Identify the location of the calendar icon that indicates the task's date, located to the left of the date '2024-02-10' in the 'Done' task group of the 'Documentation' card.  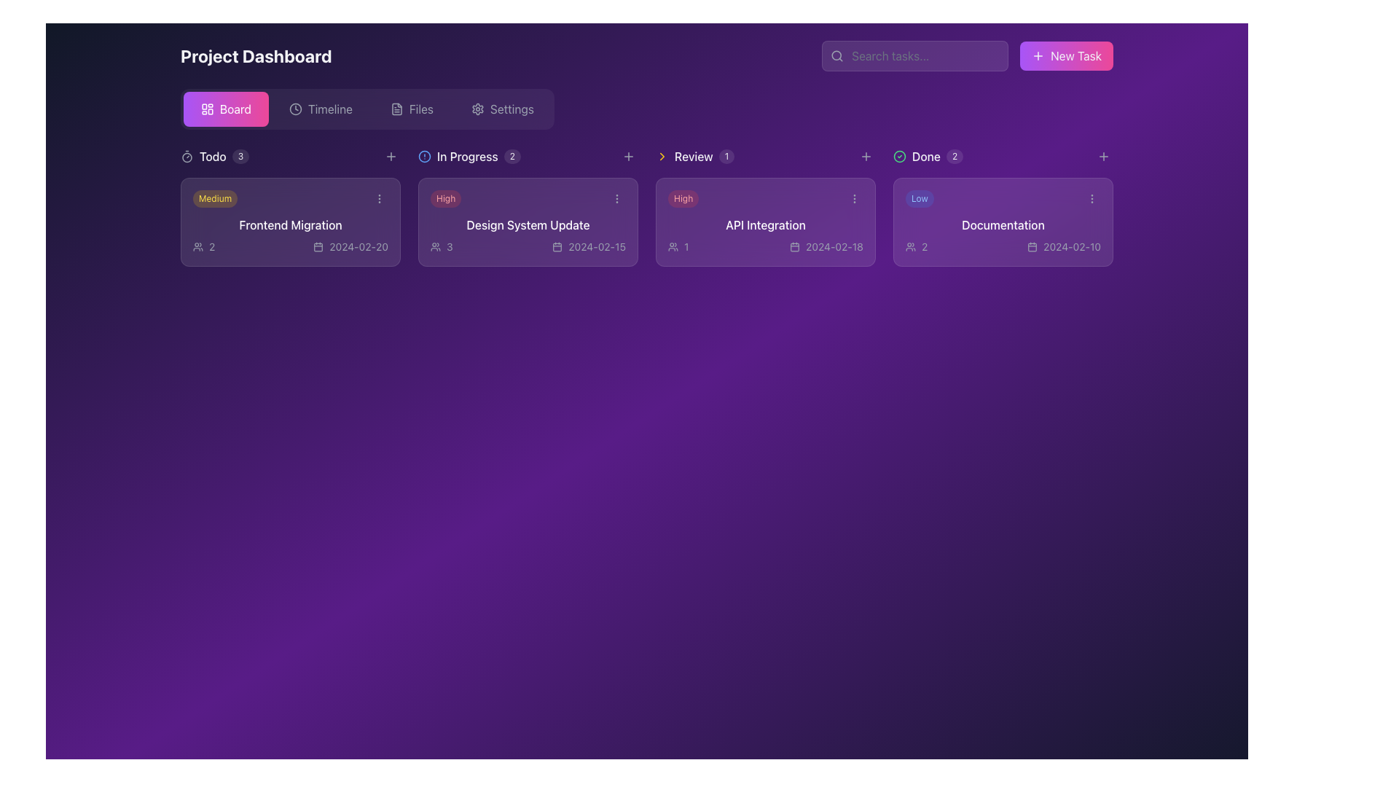
(1032, 246).